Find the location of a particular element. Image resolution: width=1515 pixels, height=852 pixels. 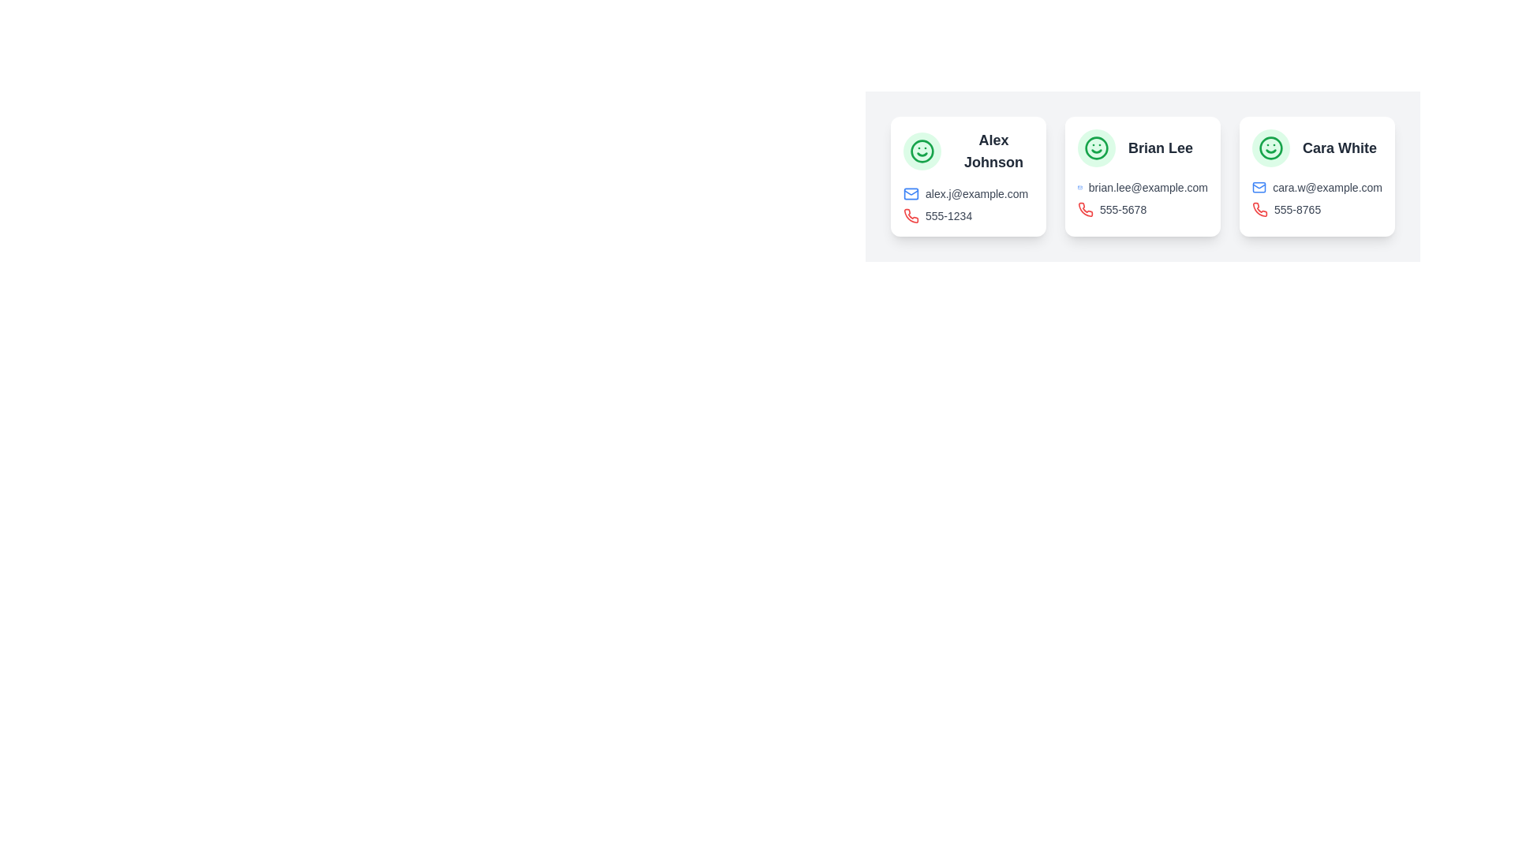

the phone contact icon located within Alex Johnson's contact card, positioned near the phone number field to identify the contact type it represents is located at coordinates (911, 215).